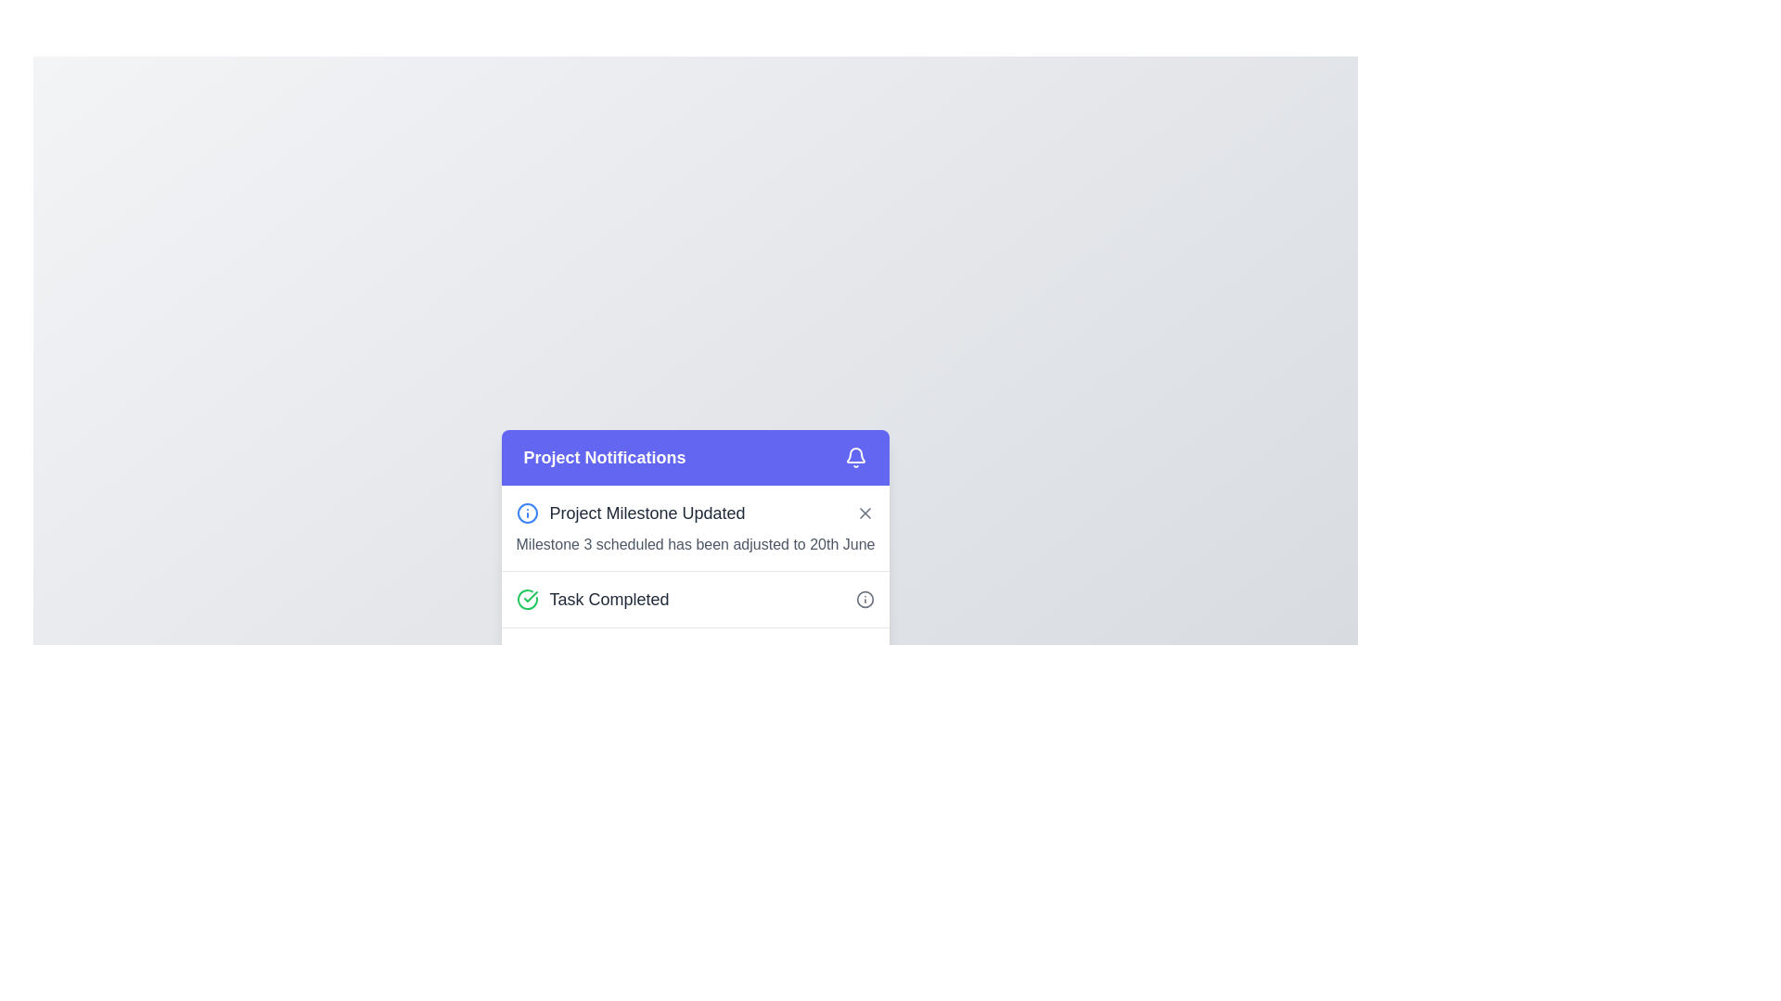  What do you see at coordinates (694, 599) in the screenshot?
I see `the notification indicating task completion located in the 'Project Notifications' panel, which is the second item in the list` at bounding box center [694, 599].